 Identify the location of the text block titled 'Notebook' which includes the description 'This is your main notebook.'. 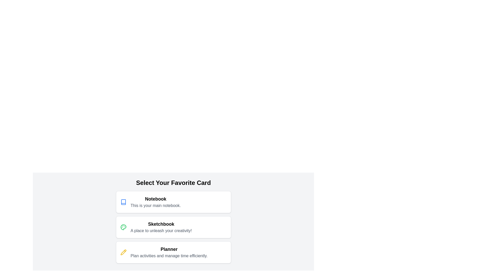
(155, 202).